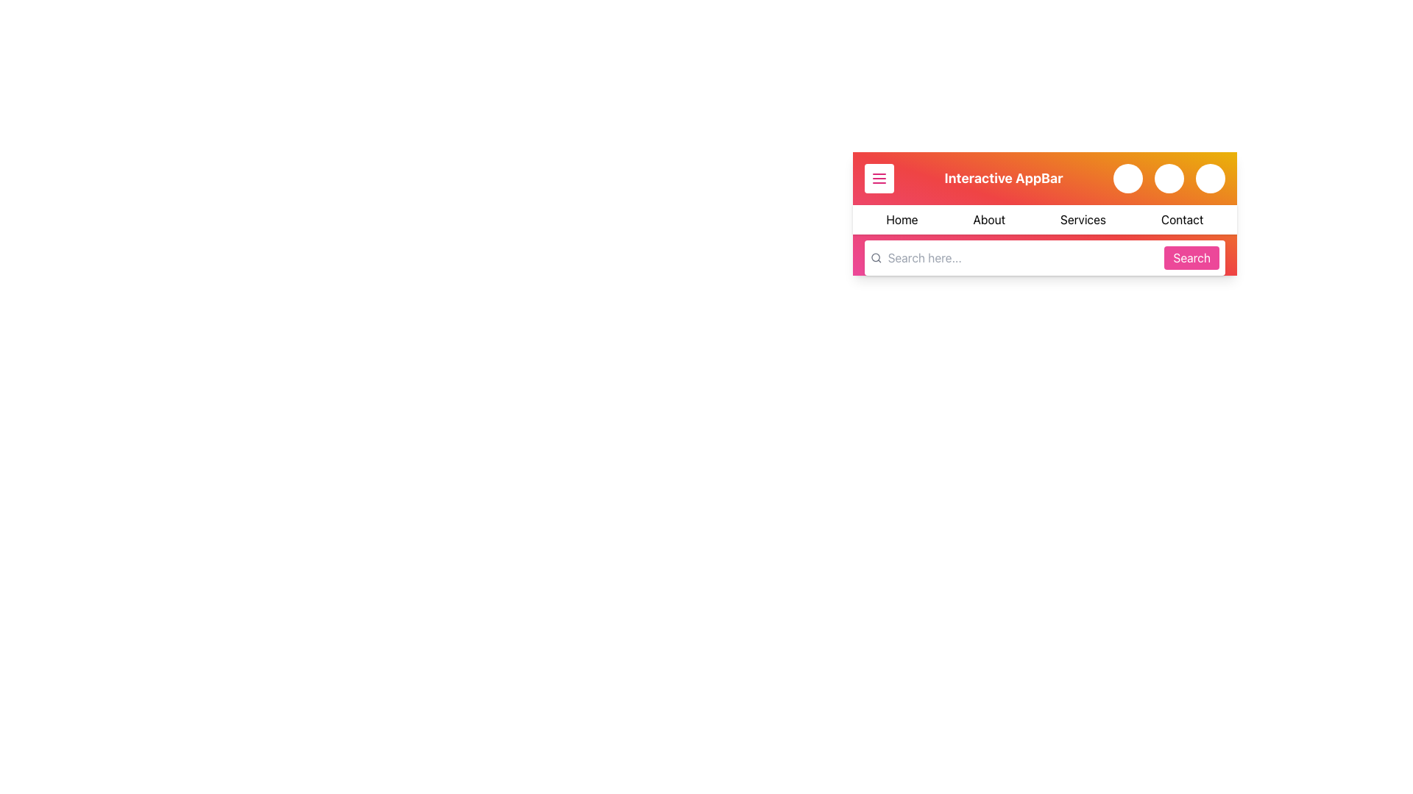 This screenshot has width=1413, height=794. I want to click on the user profile or account menu button located at the far right of the top navigation bar to trigger a visual hover effect, so click(1211, 178).